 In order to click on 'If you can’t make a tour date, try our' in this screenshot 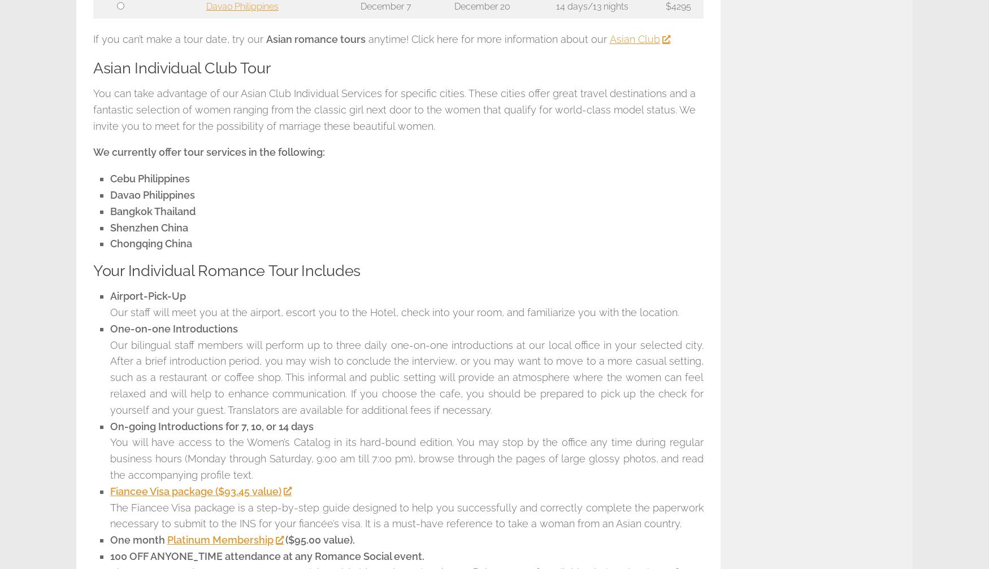, I will do `click(179, 39)`.